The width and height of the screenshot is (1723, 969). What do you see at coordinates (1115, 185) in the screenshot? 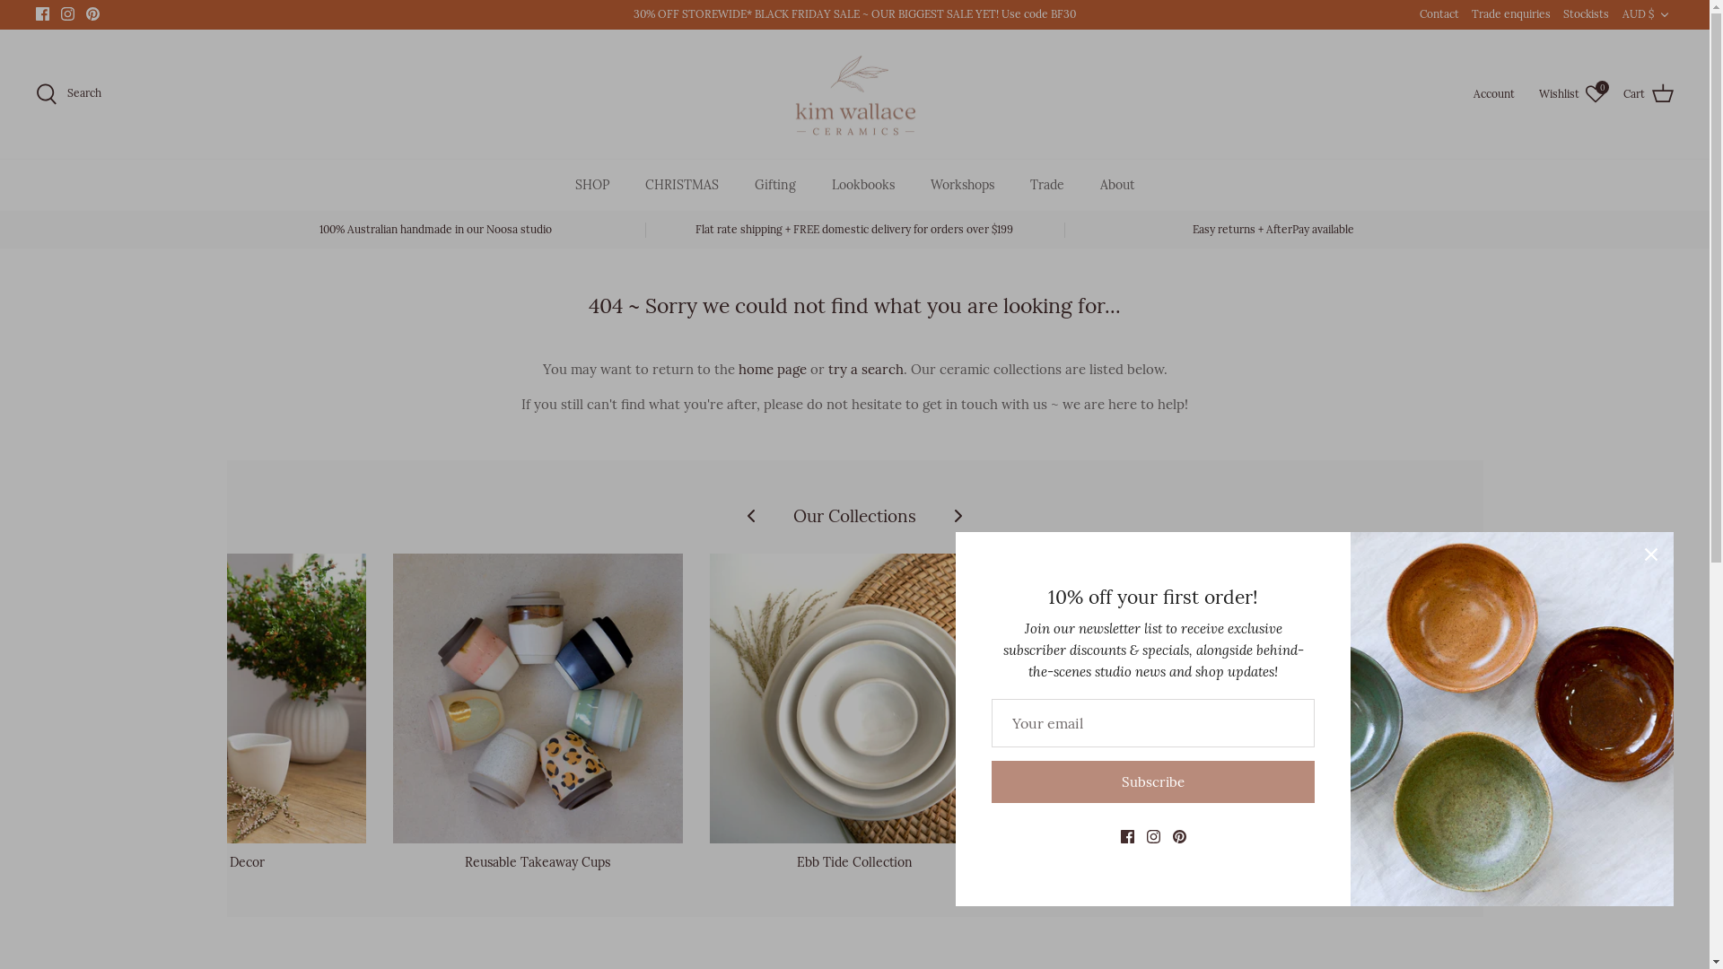
I see `'About'` at bounding box center [1115, 185].